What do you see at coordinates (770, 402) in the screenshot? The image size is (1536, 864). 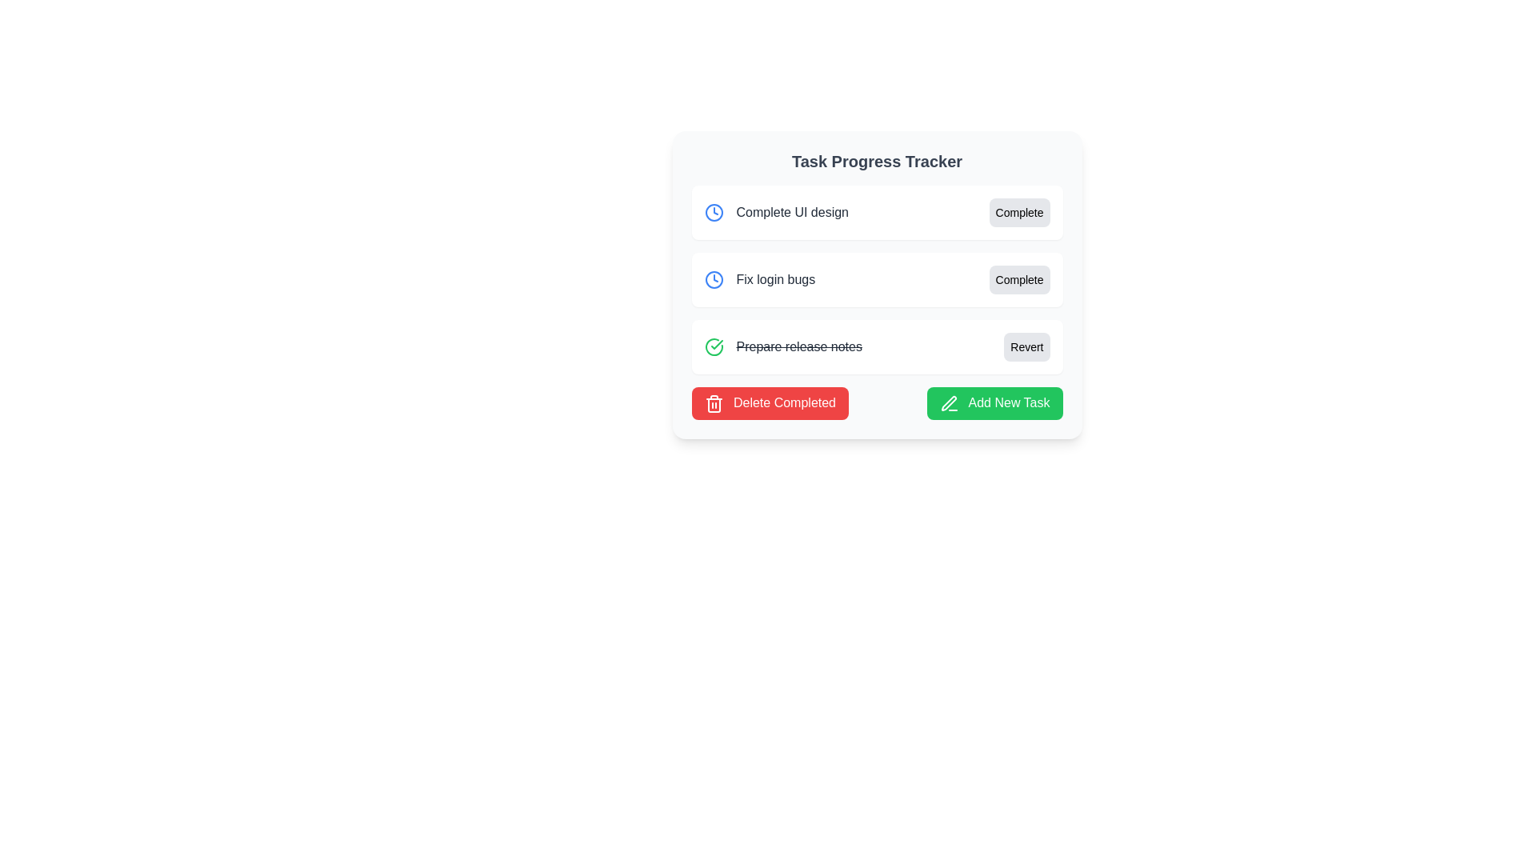 I see `the 'Delete Completed' button, which has a red background and white text, located in the bottom-left corner of the task management interface` at bounding box center [770, 402].